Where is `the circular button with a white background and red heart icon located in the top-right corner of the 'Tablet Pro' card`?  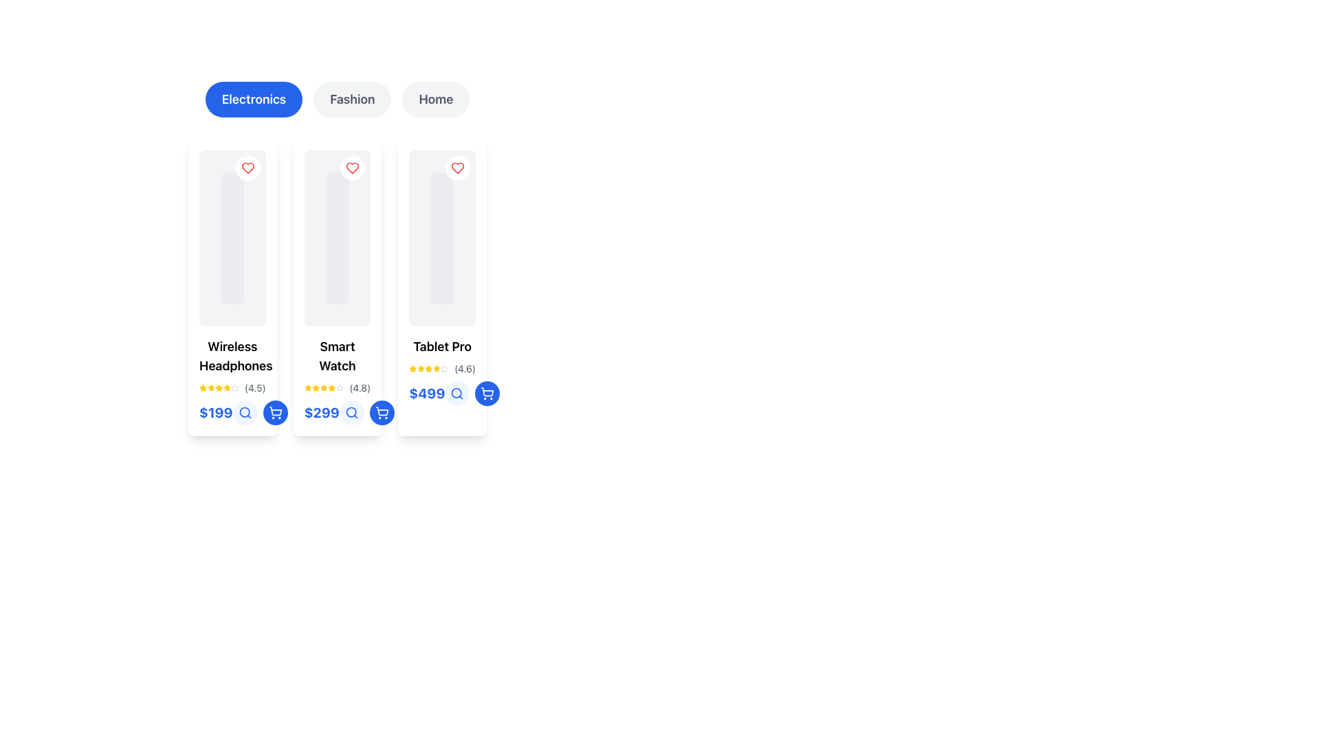 the circular button with a white background and red heart icon located in the top-right corner of the 'Tablet Pro' card is located at coordinates (458, 168).